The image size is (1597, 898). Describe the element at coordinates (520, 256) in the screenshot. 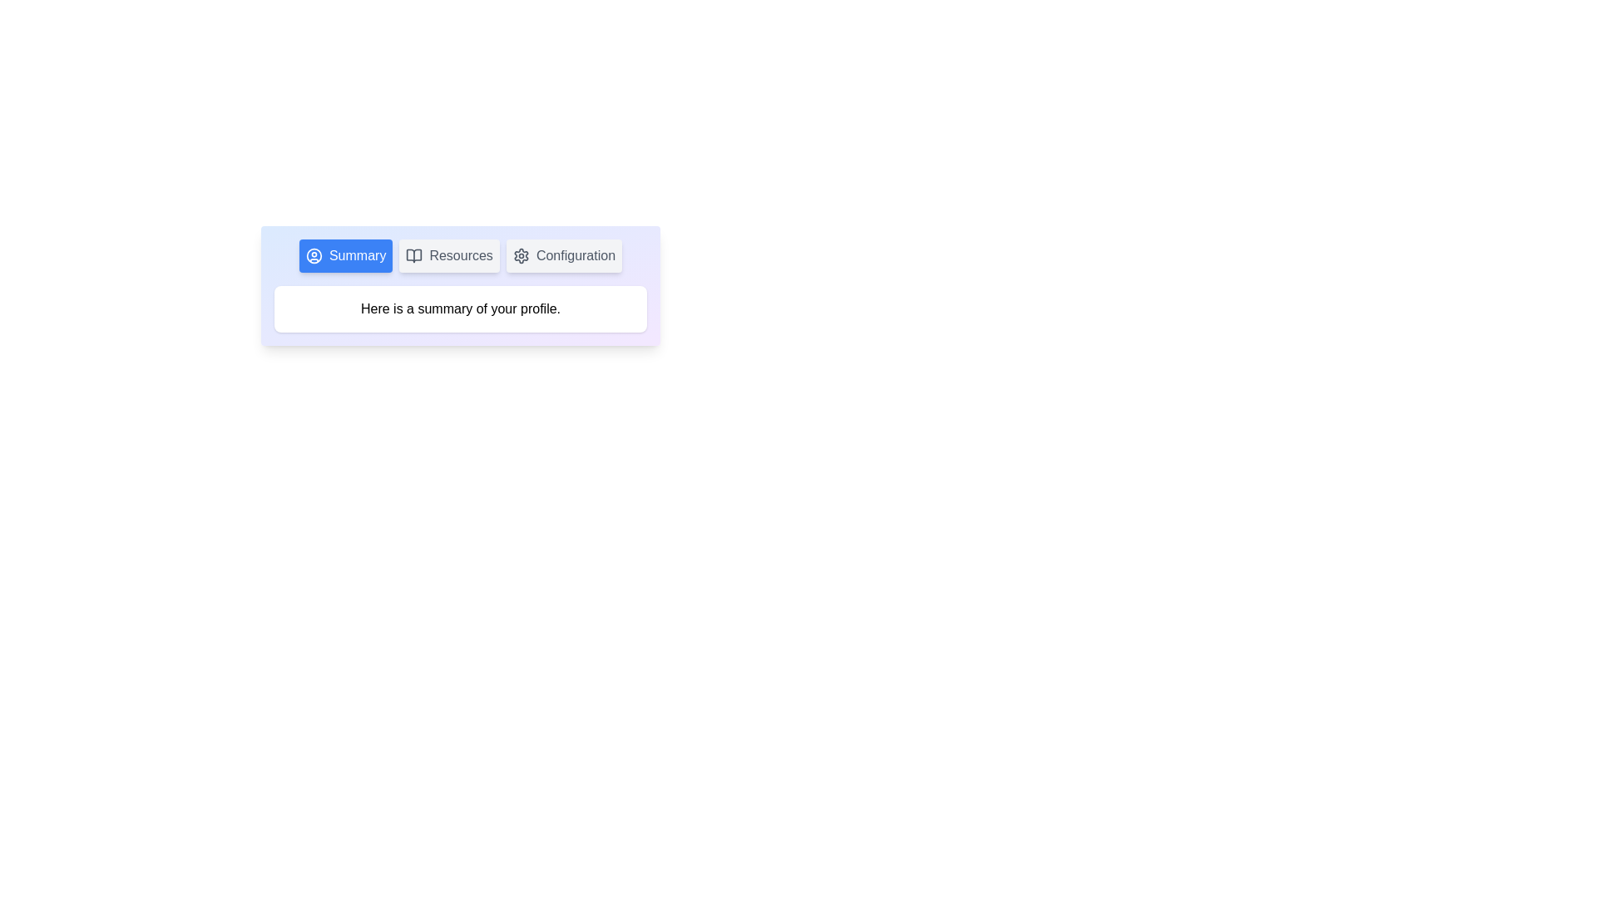

I see `the icon of the Configuration tab` at that location.